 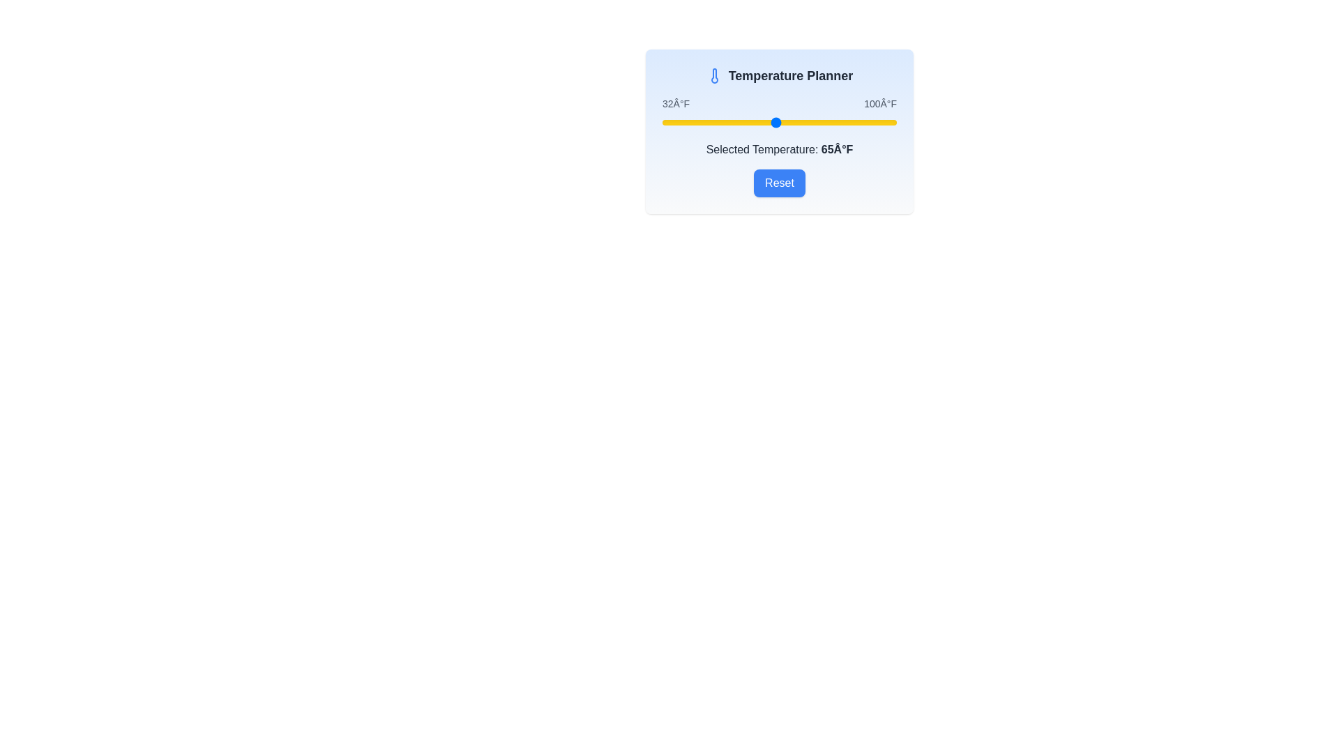 I want to click on the Reset button to reset the temperature to its default value, so click(x=779, y=182).